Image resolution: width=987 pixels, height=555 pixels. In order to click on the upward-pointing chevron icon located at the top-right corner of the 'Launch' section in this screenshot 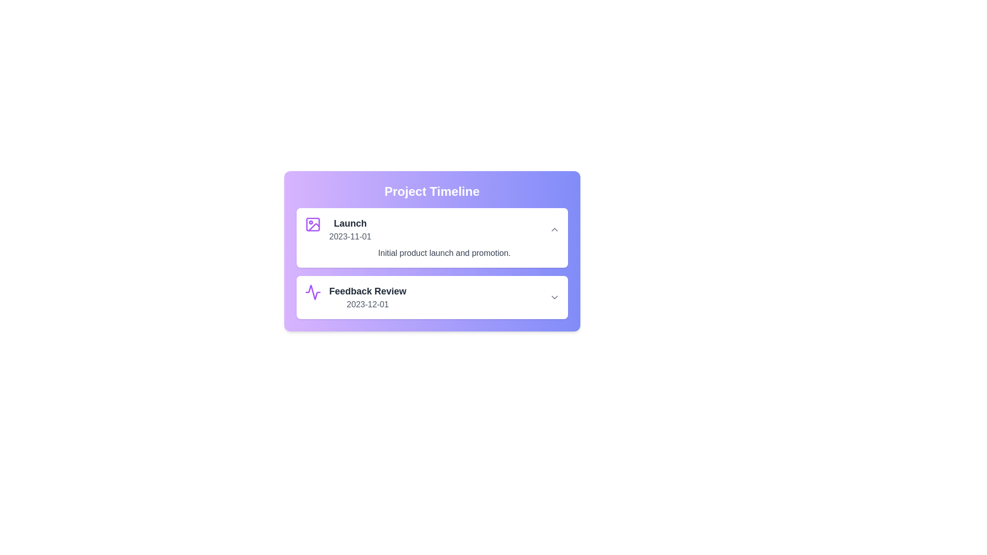, I will do `click(554, 229)`.